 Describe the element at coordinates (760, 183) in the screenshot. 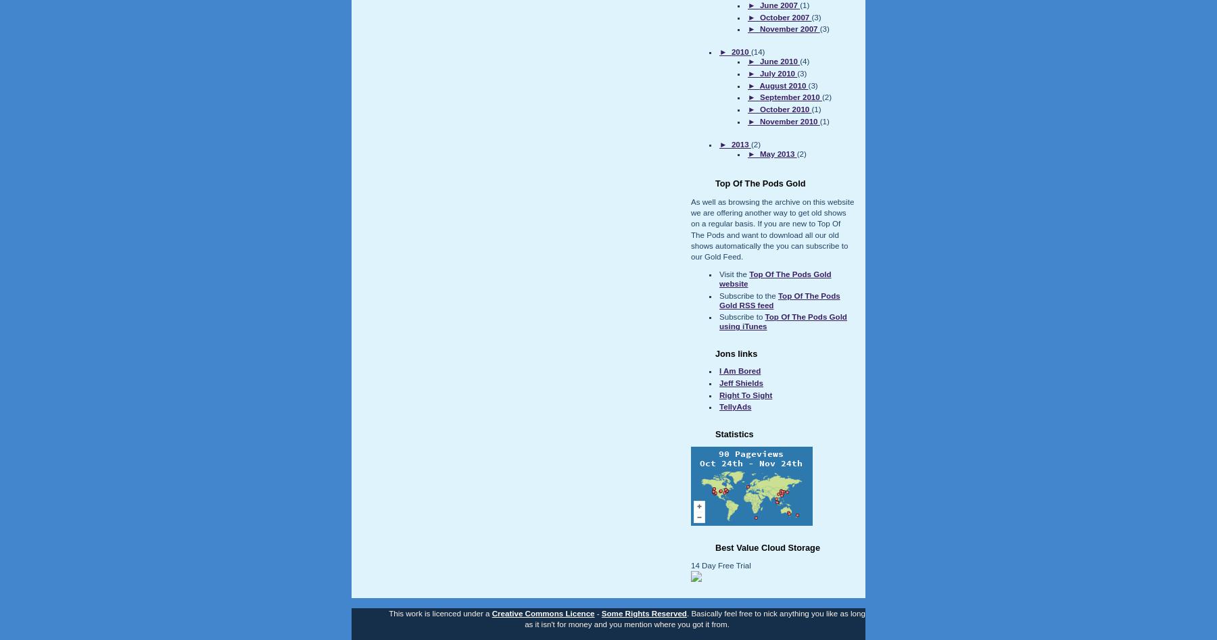

I see `'Top Of The Pods Gold'` at that location.